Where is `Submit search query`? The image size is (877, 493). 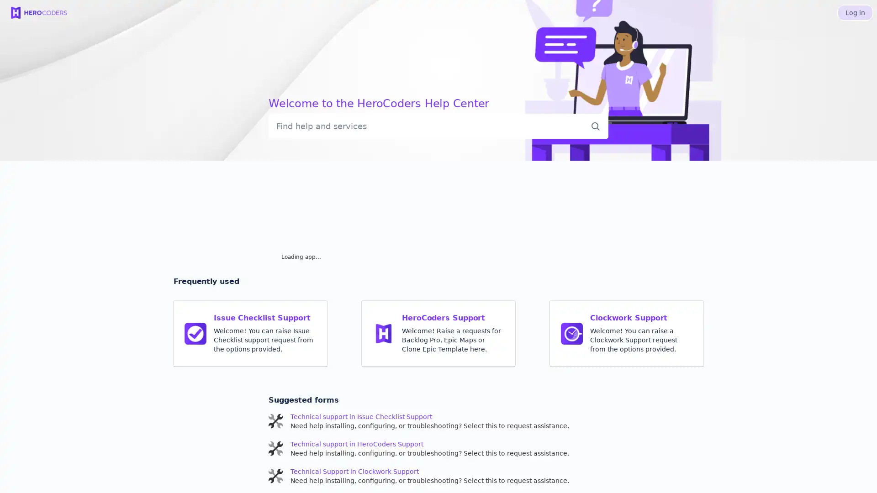
Submit search query is located at coordinates (596, 126).